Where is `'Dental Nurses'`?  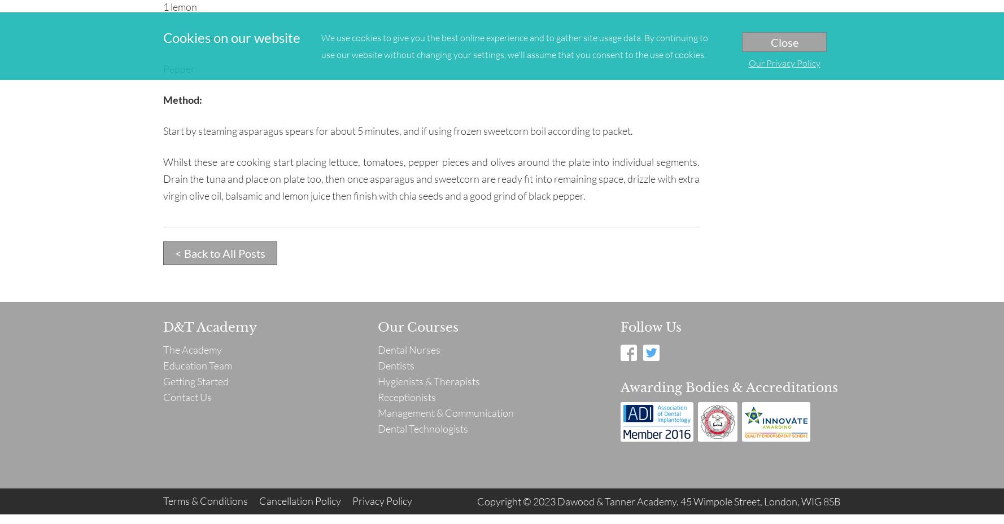 'Dental Nurses' is located at coordinates (408, 349).